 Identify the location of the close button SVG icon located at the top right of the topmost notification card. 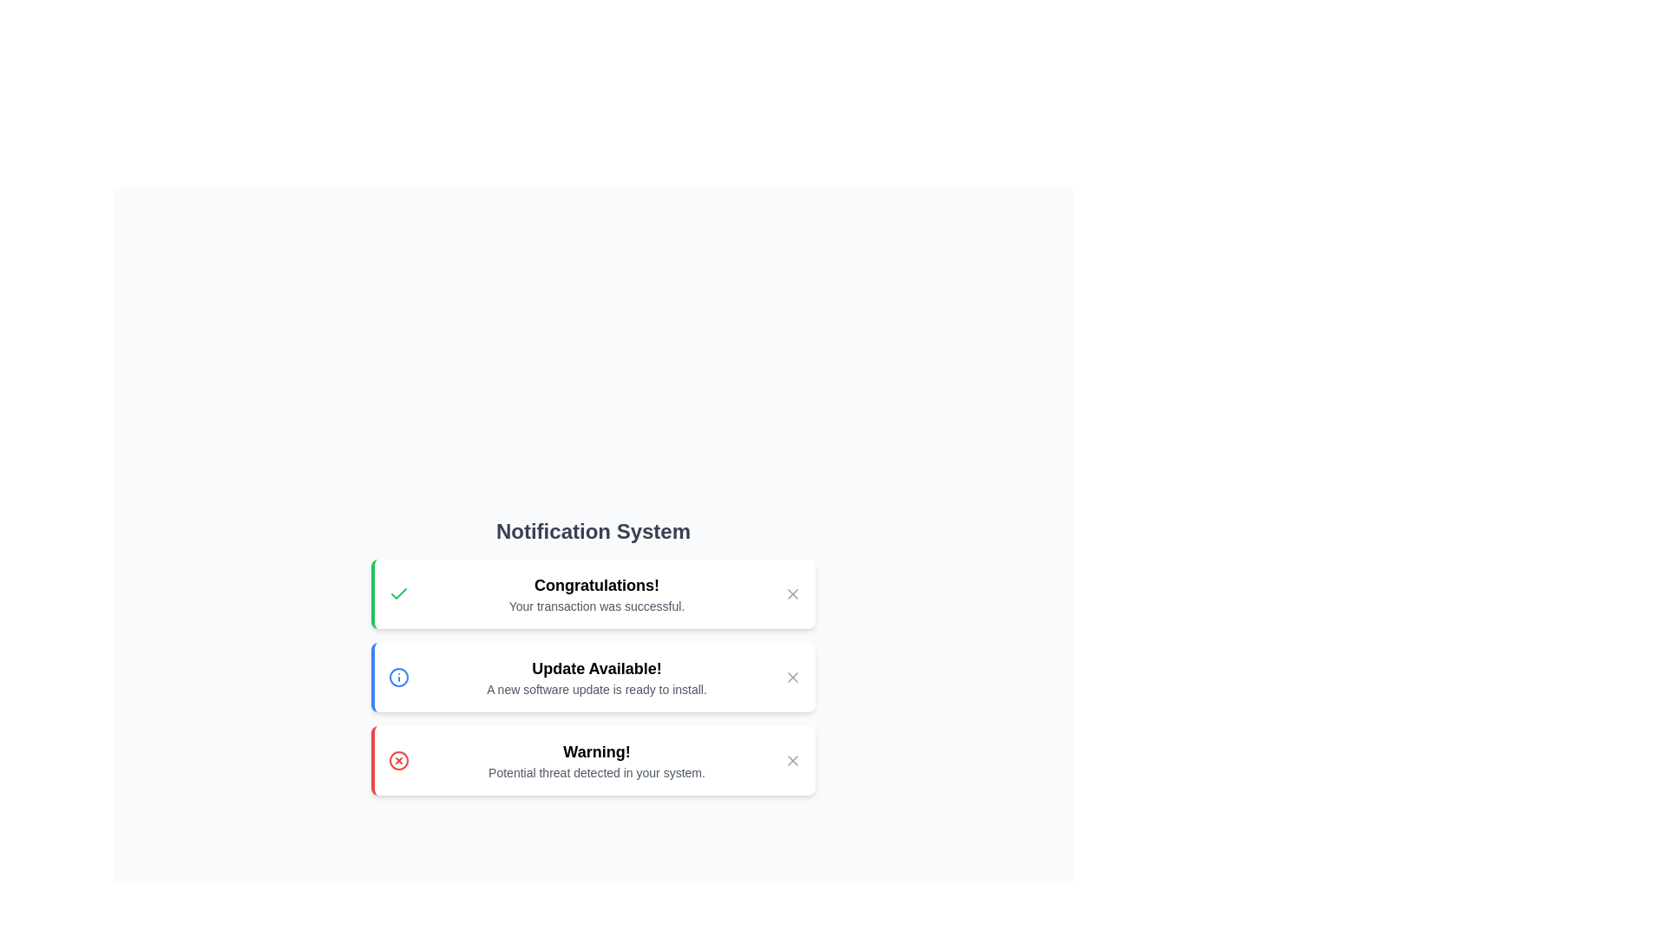
(791, 593).